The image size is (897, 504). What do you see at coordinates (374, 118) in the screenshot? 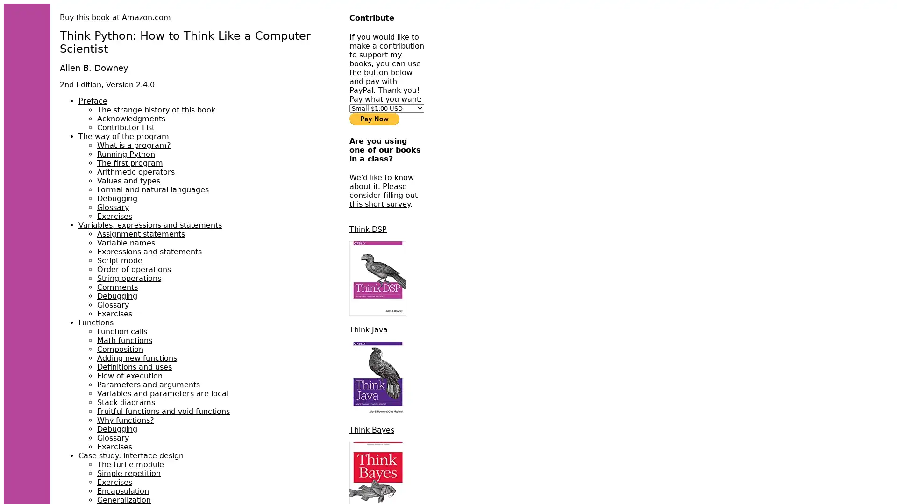
I see `PayPal - The safer, easier way to pay online!` at bounding box center [374, 118].